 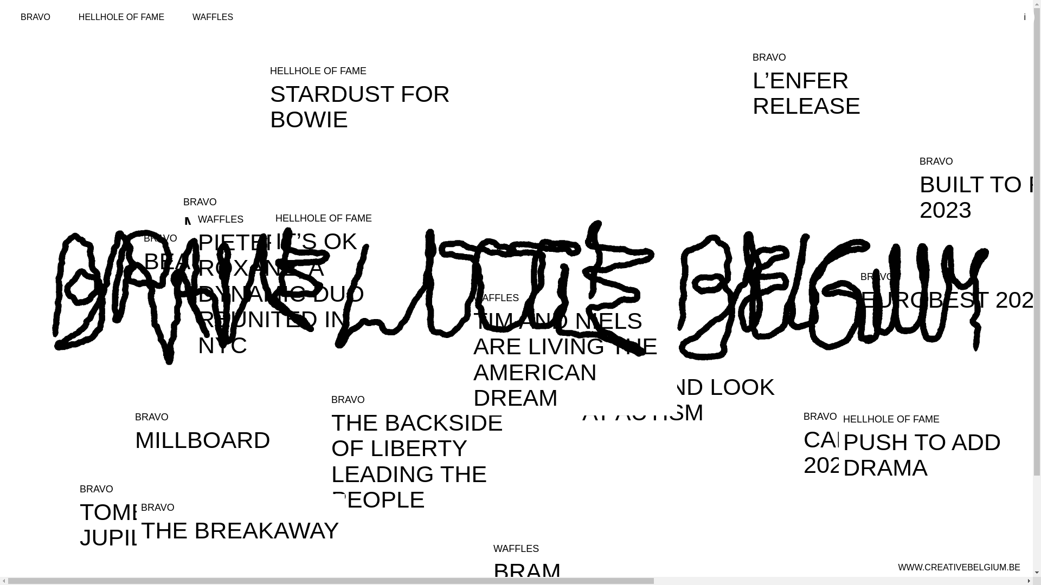 What do you see at coordinates (681, 390) in the screenshot?
I see `'BRAVO` at bounding box center [681, 390].